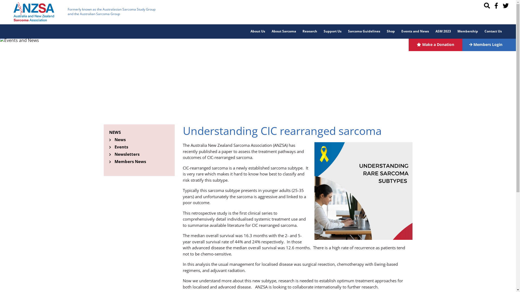  Describe the element at coordinates (398, 31) in the screenshot. I see `'Events and News'` at that location.